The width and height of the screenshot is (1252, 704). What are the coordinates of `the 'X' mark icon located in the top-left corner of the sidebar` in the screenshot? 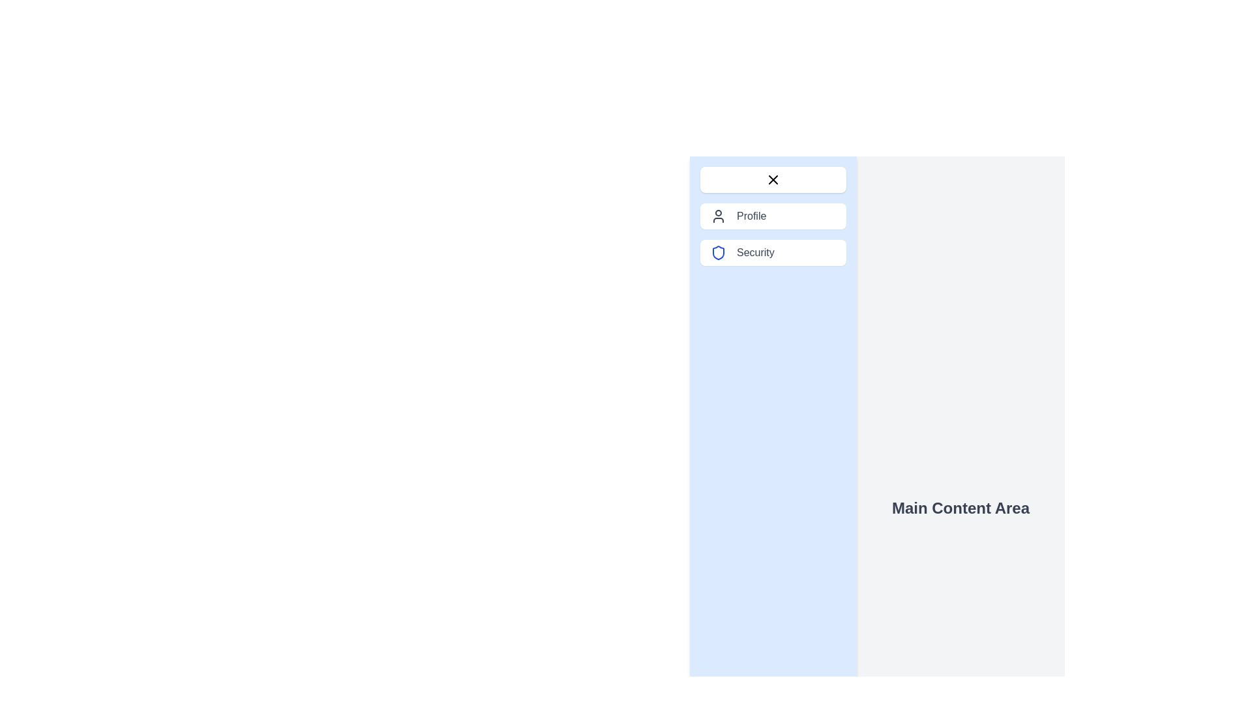 It's located at (773, 180).